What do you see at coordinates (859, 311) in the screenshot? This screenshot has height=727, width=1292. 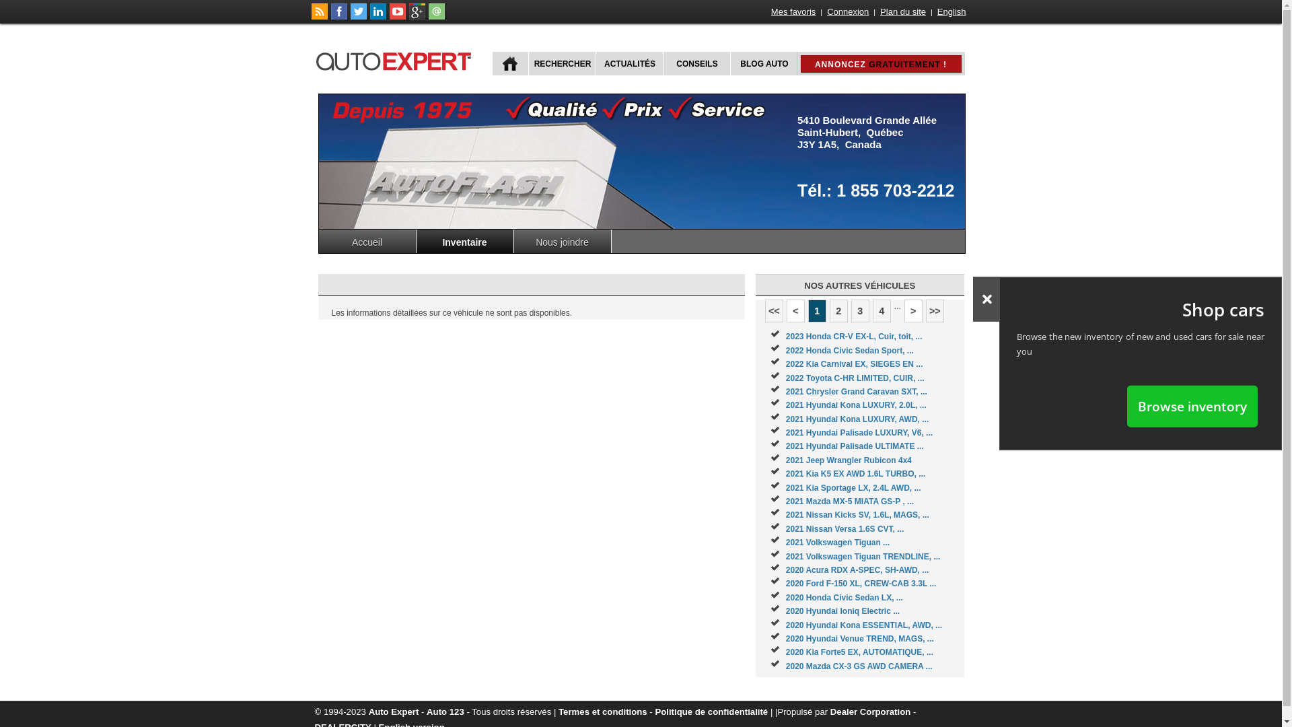 I see `'3'` at bounding box center [859, 311].